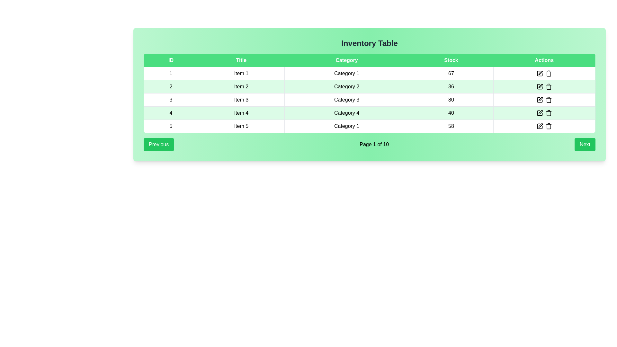  What do you see at coordinates (540, 112) in the screenshot?
I see `the edit button located in the Actions column of the fourth row in the inventory table` at bounding box center [540, 112].